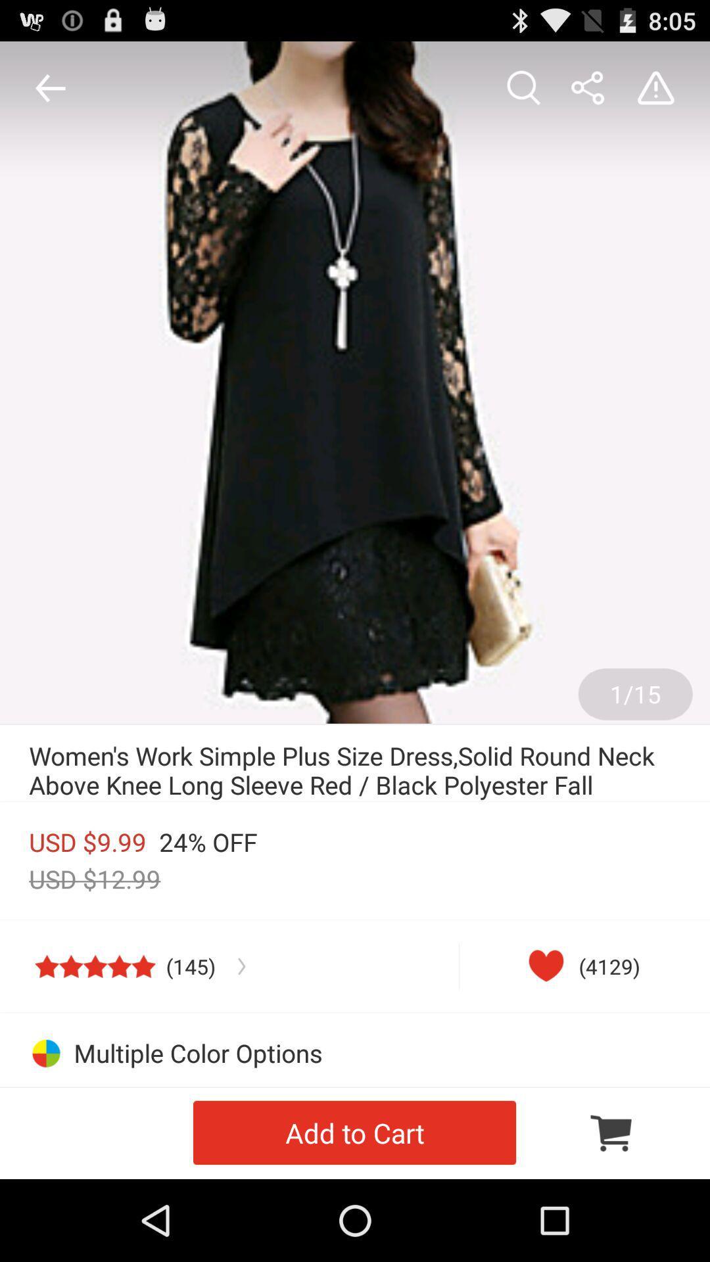 Image resolution: width=710 pixels, height=1262 pixels. I want to click on the warning icon, so click(659, 93).